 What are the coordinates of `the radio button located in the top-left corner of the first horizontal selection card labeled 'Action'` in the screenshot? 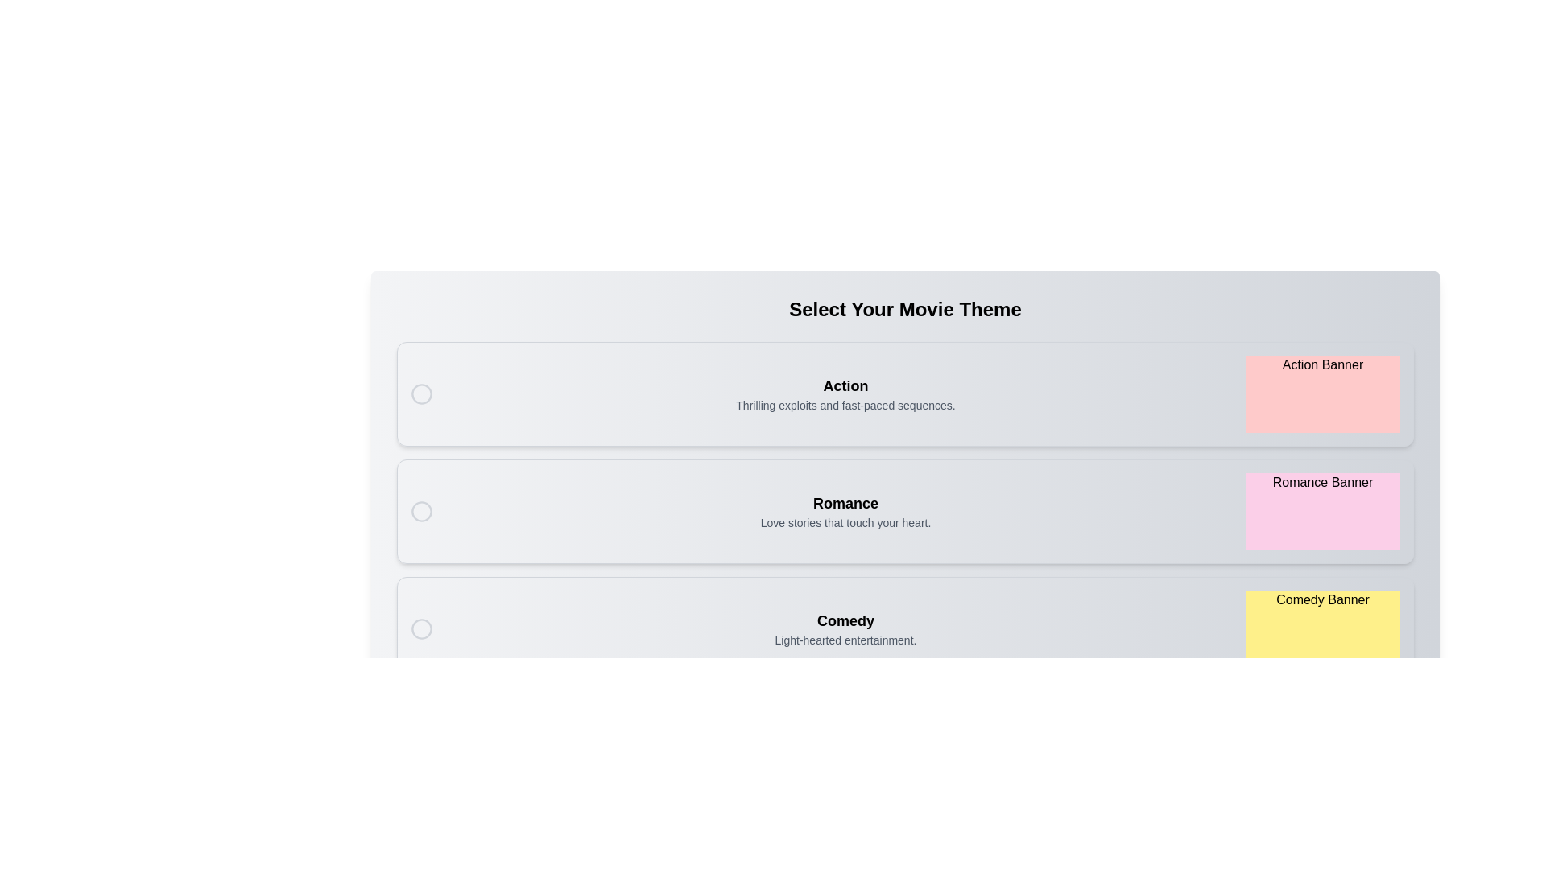 It's located at (421, 393).